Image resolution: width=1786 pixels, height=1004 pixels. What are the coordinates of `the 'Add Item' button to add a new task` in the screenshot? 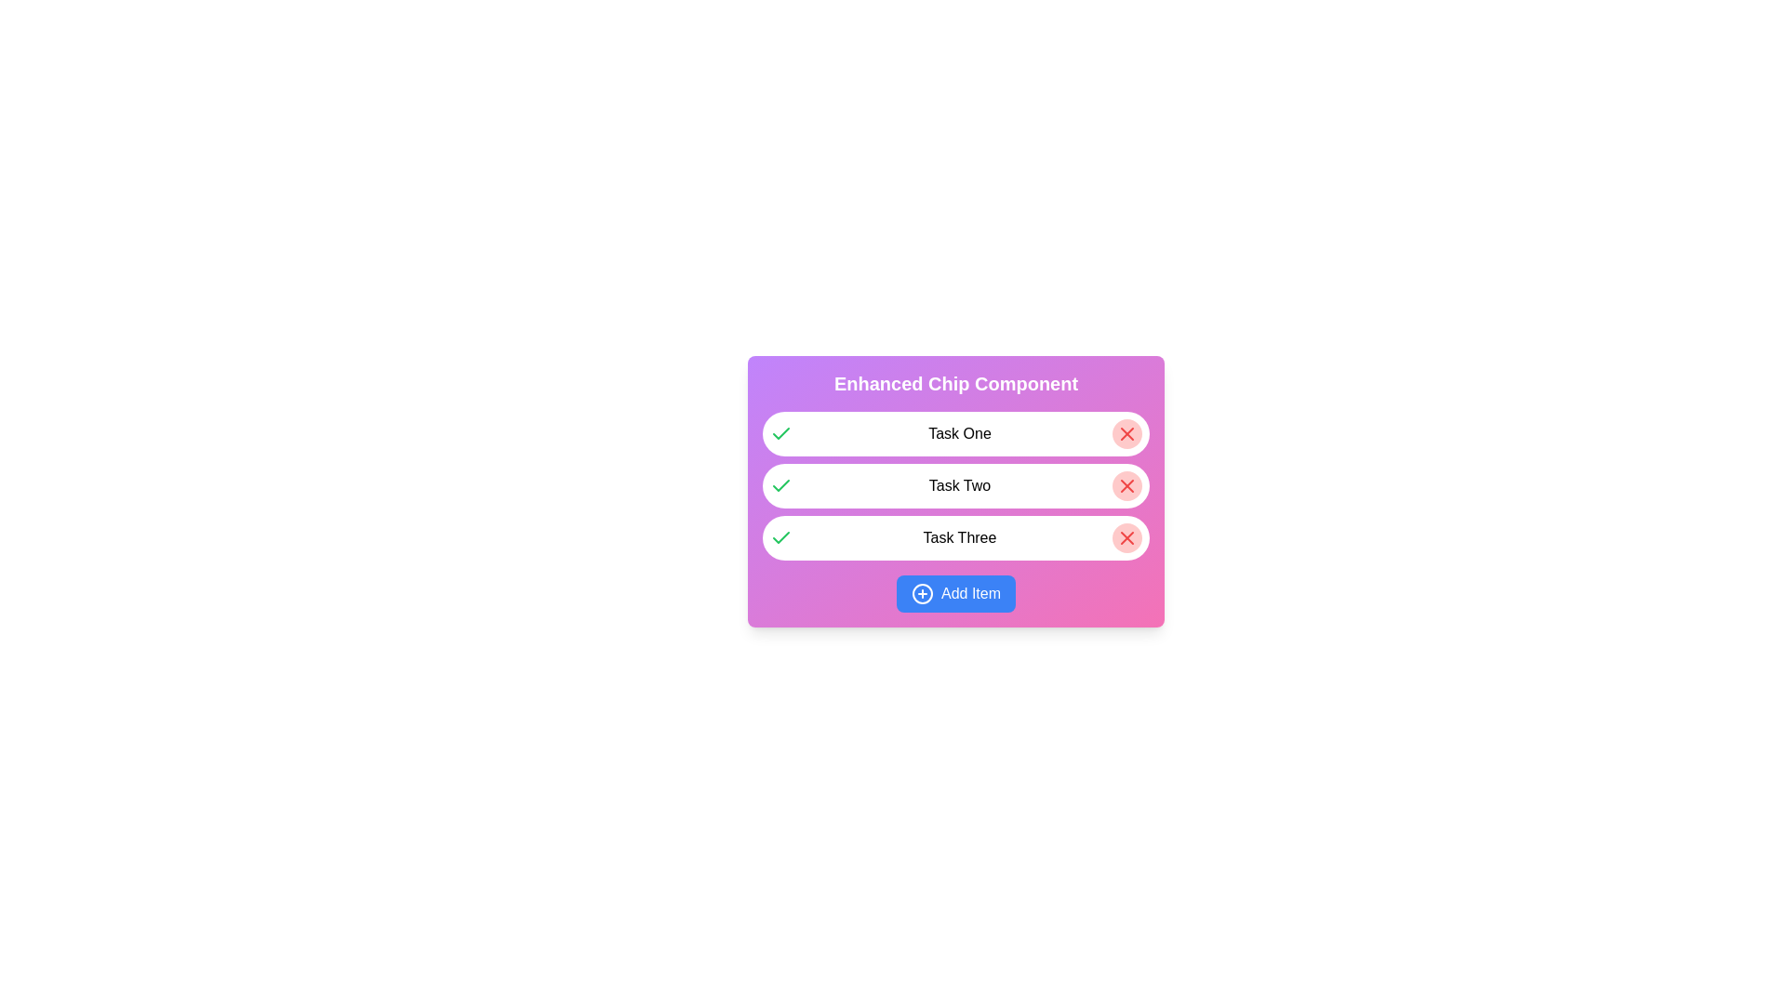 It's located at (955, 594).